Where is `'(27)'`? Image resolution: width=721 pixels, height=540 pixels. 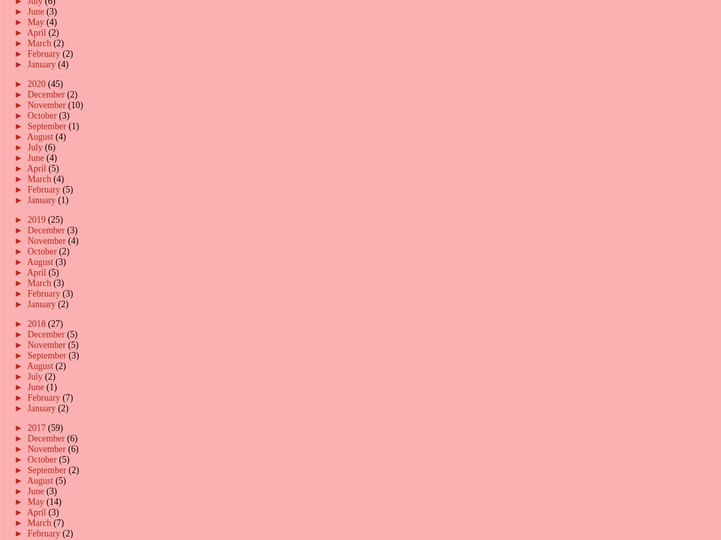 '(27)' is located at coordinates (55, 323).